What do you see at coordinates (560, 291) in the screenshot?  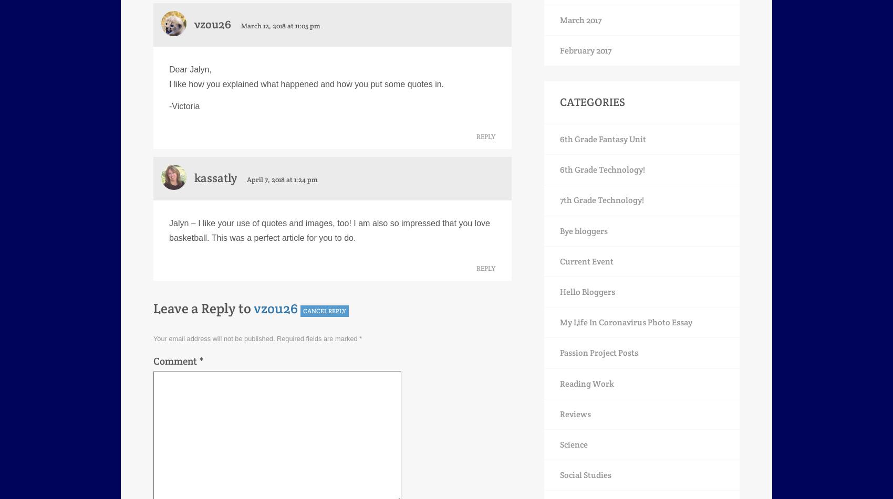 I see `'Hello Bloggers'` at bounding box center [560, 291].